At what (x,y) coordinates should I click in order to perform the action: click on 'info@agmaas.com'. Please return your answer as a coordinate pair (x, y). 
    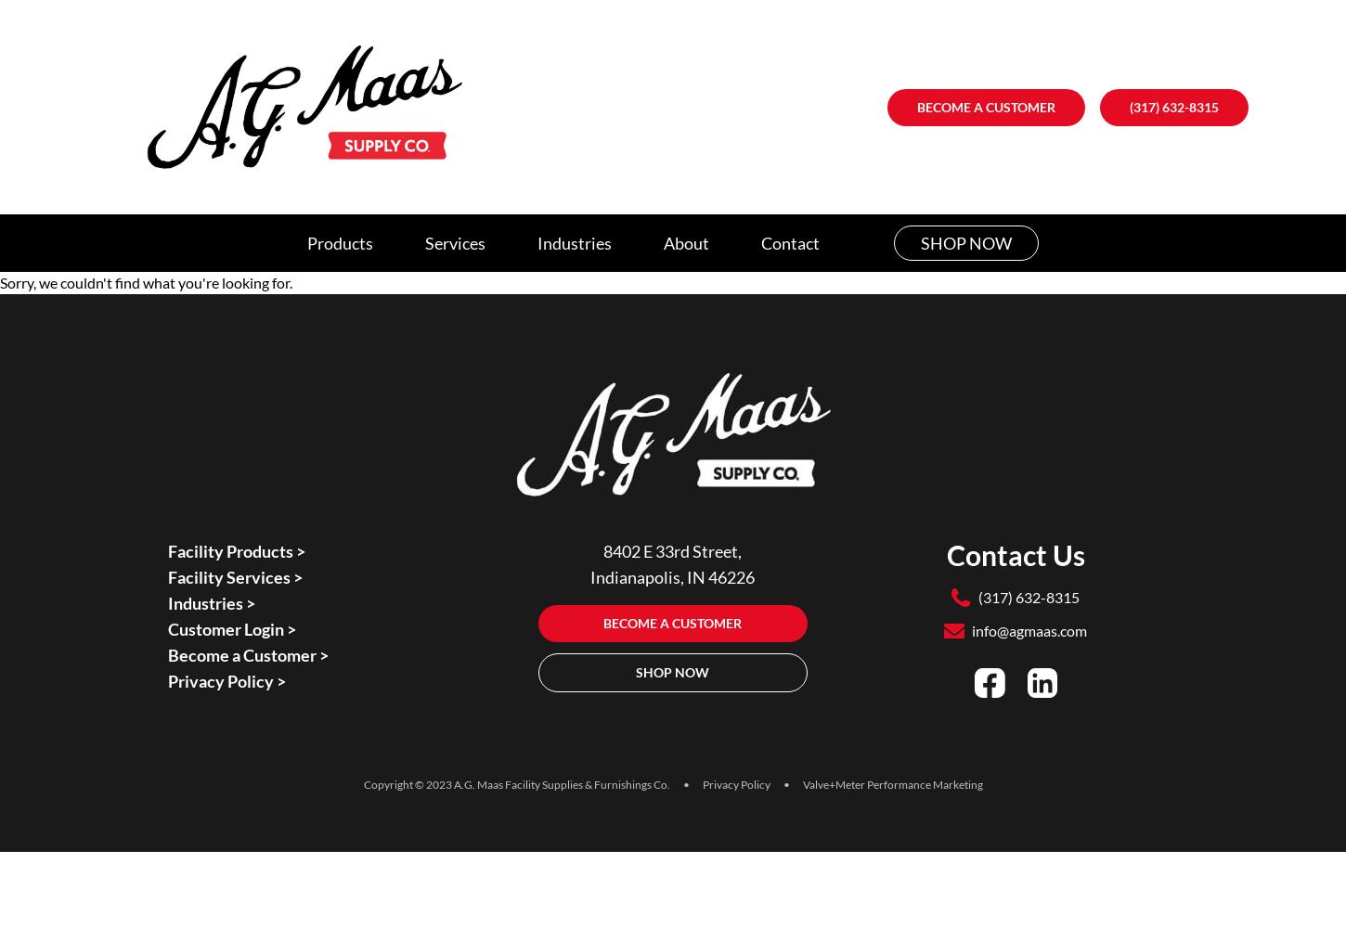
    Looking at the image, I should click on (972, 630).